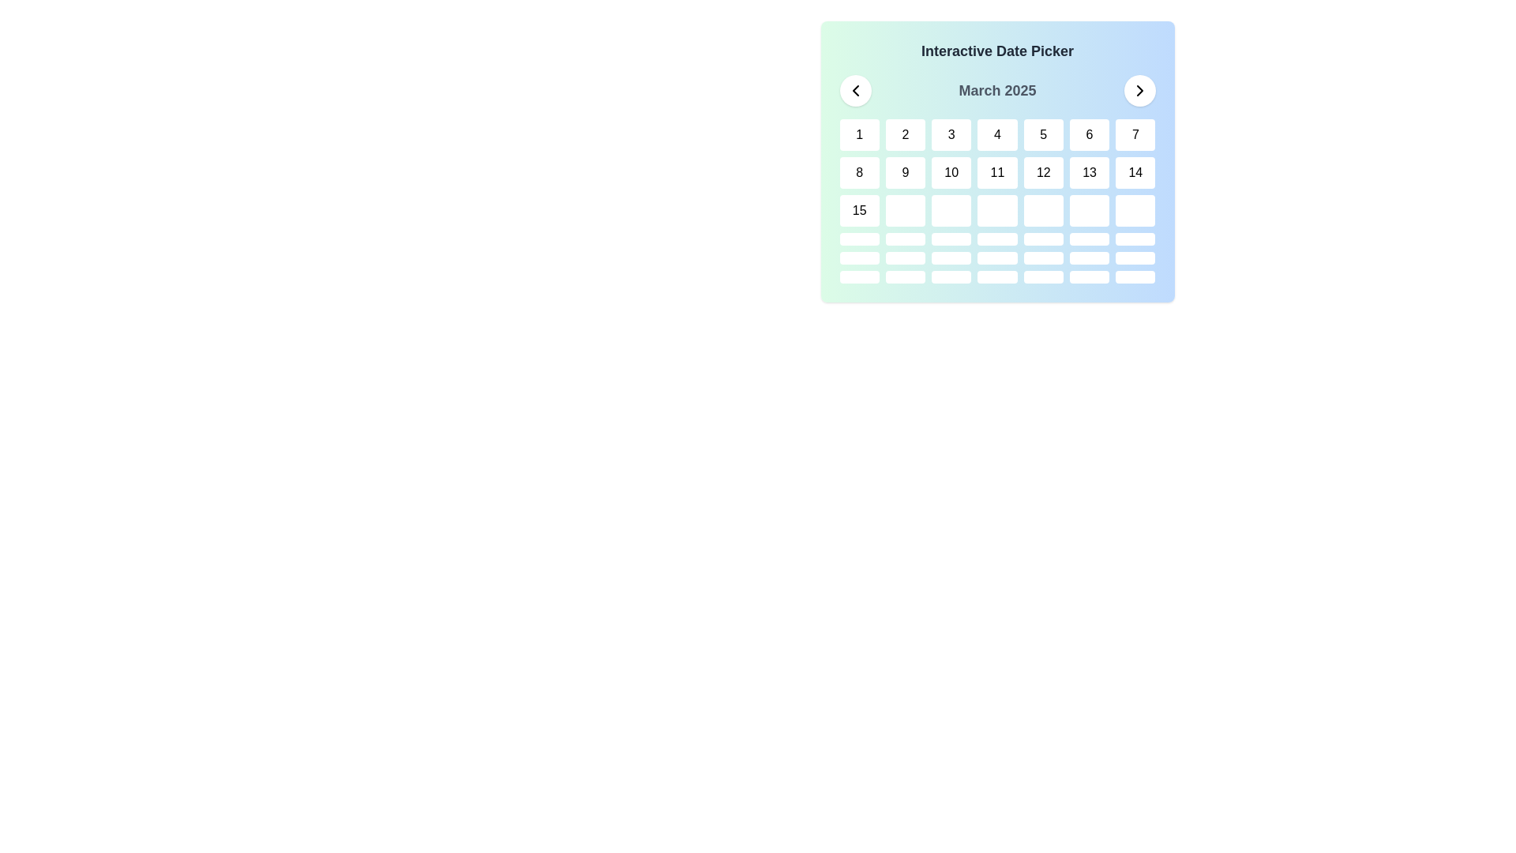 This screenshot has width=1516, height=853. What do you see at coordinates (996, 91) in the screenshot?
I see `the text label that reads 'March 2025', which is styled with a large bold font in gray color and positioned at the top of a calendar interface` at bounding box center [996, 91].